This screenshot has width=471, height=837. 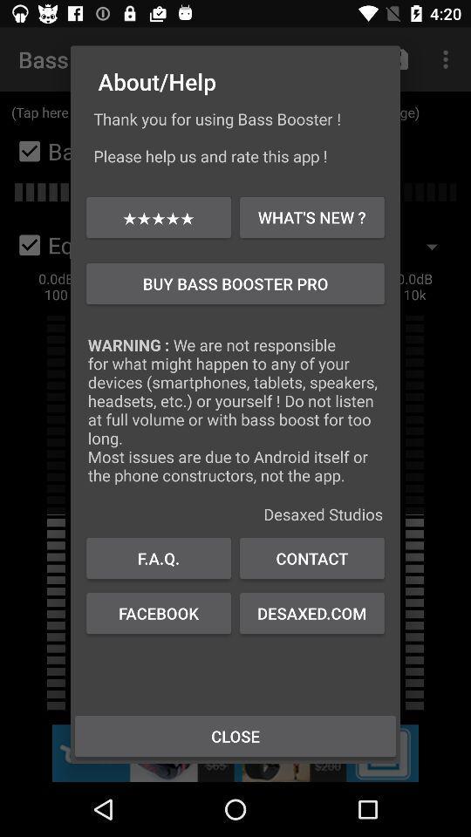 What do you see at coordinates (159, 557) in the screenshot?
I see `item above facebook item` at bounding box center [159, 557].